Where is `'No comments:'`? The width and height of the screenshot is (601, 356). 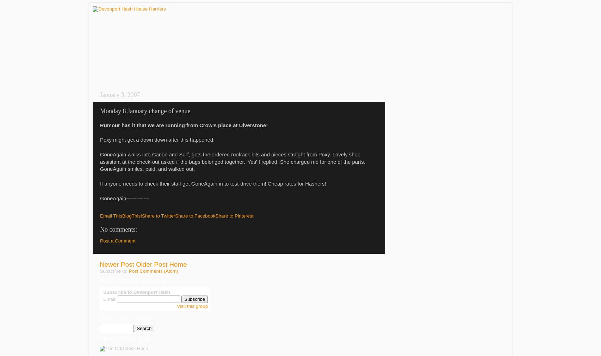 'No comments:' is located at coordinates (100, 229).